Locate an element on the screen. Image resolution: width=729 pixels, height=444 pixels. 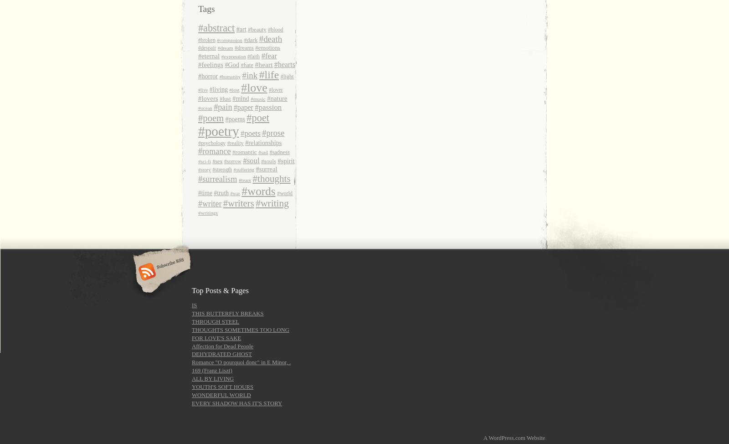
'.' is located at coordinates (546, 437).